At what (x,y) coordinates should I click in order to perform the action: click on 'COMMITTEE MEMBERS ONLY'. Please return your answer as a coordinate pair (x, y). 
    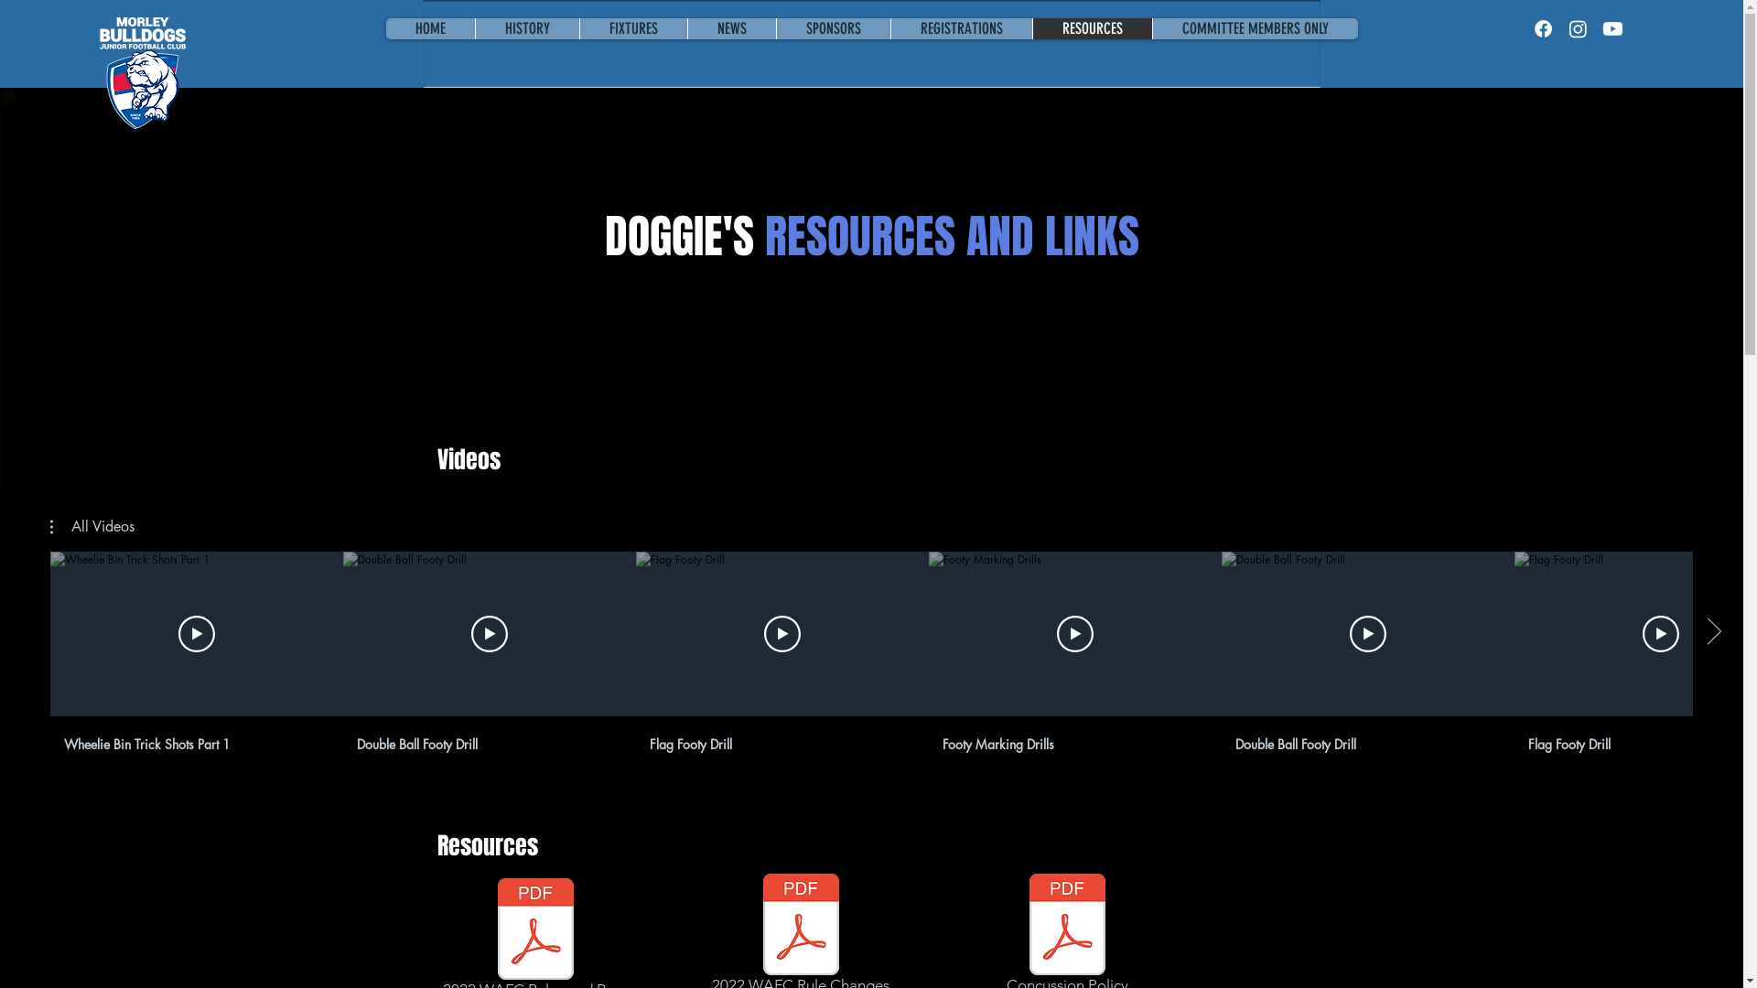
    Looking at the image, I should click on (1253, 28).